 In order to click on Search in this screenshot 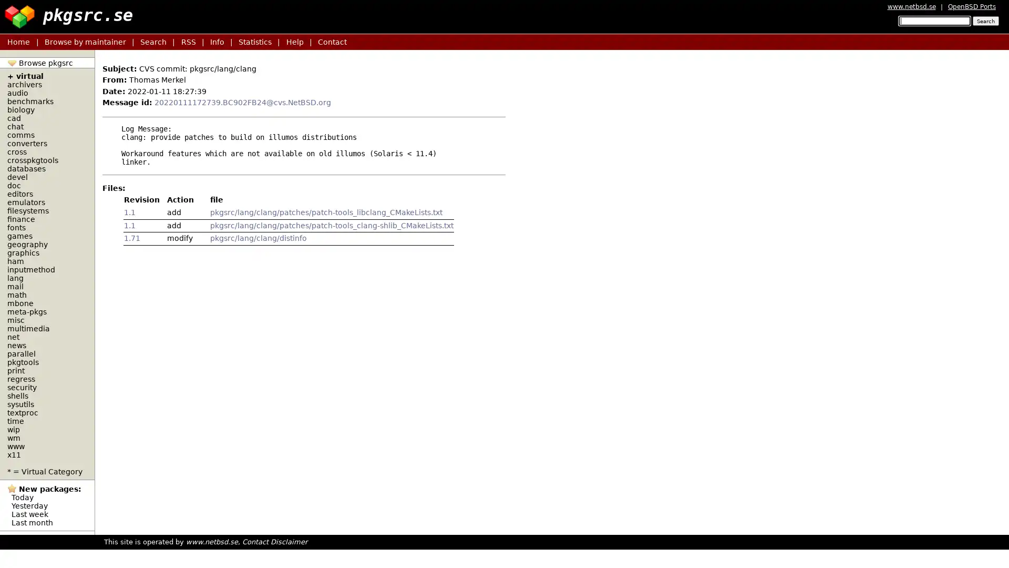, I will do `click(985, 21)`.